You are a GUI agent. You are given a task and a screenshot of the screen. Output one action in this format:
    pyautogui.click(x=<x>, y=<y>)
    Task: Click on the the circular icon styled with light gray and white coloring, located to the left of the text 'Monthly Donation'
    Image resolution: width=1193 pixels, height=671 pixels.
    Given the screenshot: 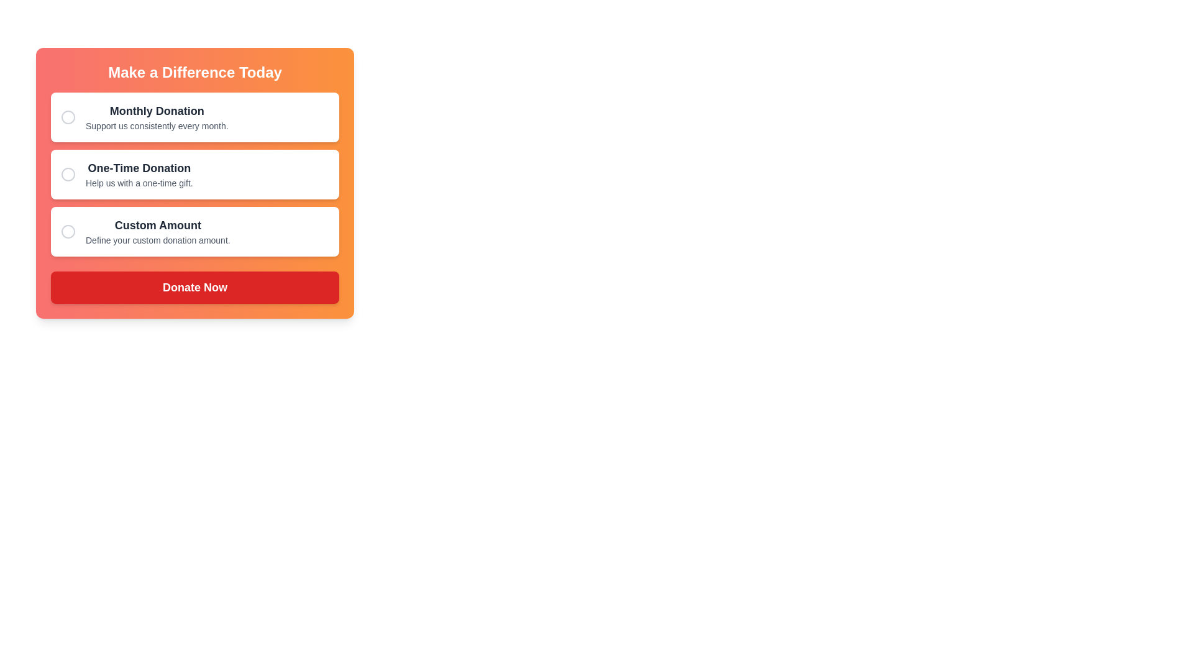 What is the action you would take?
    pyautogui.click(x=68, y=117)
    